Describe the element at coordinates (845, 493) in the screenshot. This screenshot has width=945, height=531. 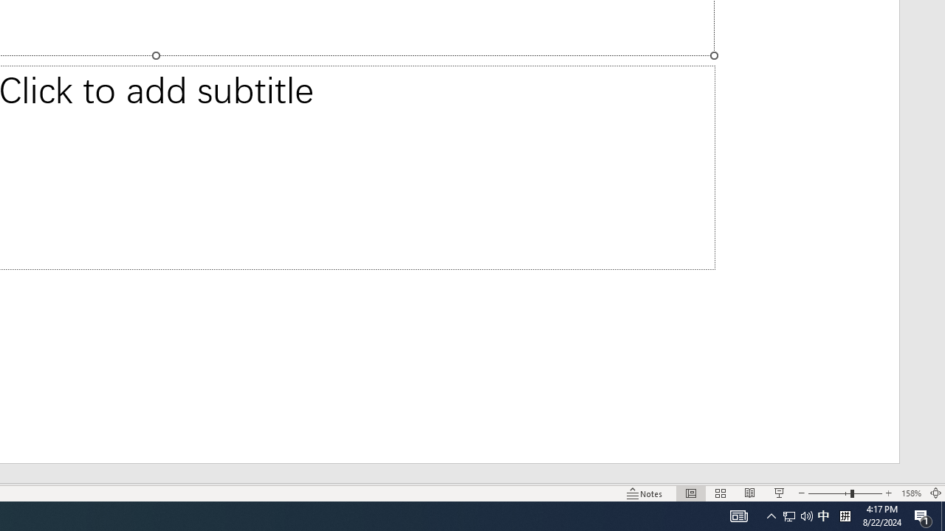
I see `'Zoom'` at that location.